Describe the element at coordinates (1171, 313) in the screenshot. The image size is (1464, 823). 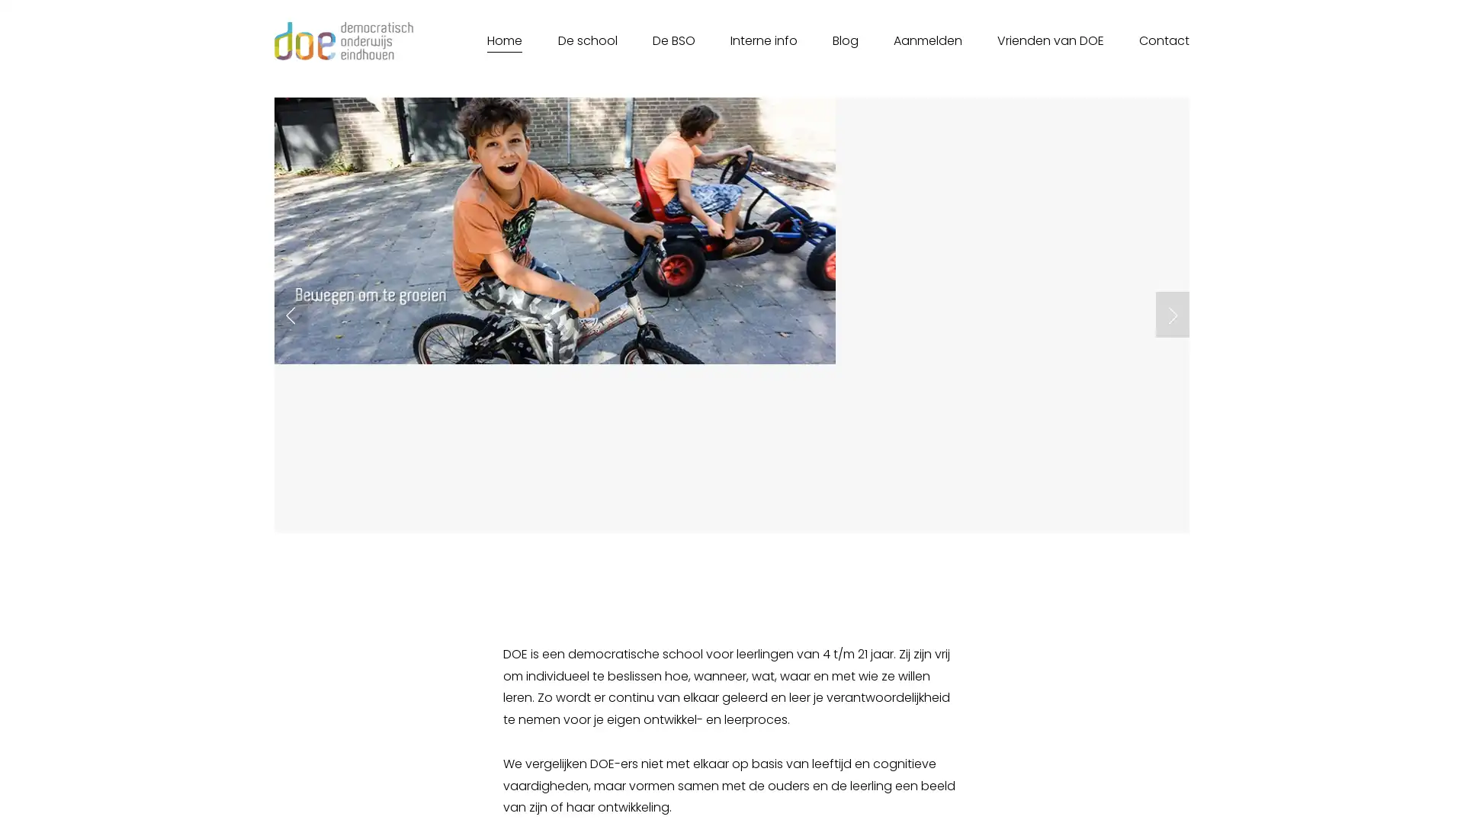
I see `Volgende dia` at that location.